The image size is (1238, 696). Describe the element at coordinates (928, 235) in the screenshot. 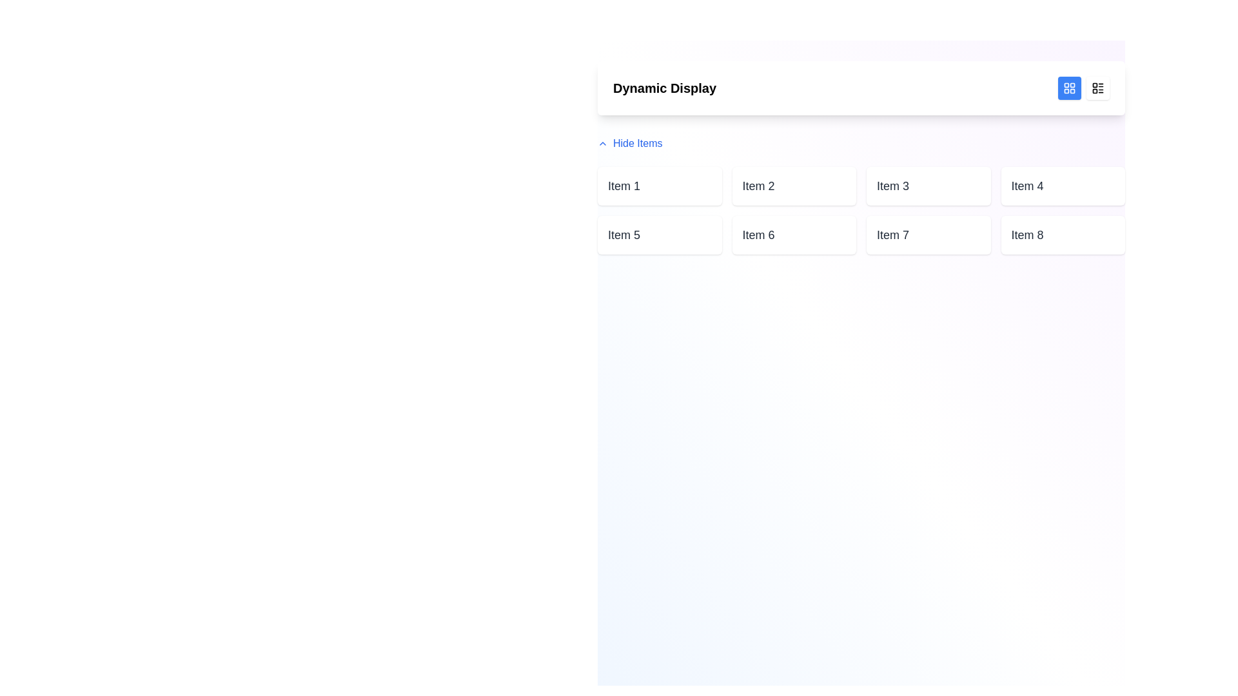

I see `the display card labeled 'Item 7' located in the bottom row of the grid, second column, between 'Item 6' and 'Item 8'` at that location.